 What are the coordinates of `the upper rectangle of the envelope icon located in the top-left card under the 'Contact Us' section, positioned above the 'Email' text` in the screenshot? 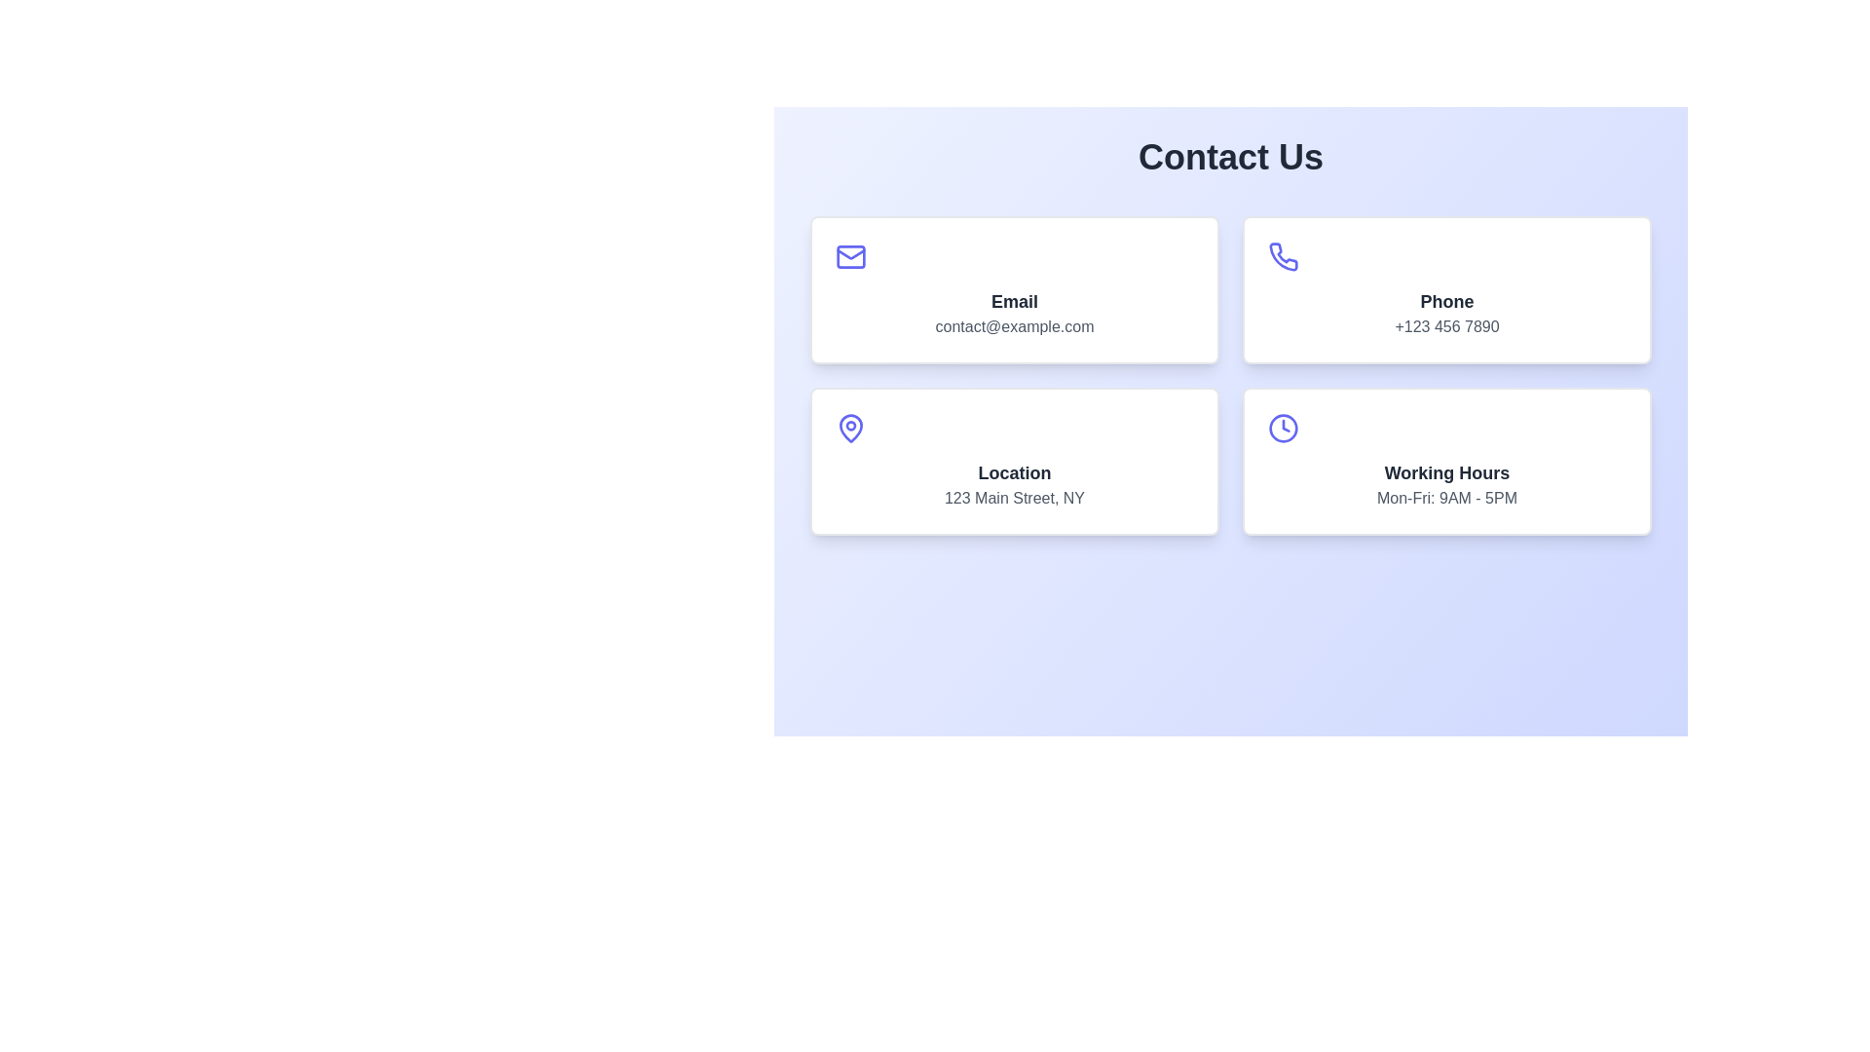 It's located at (850, 254).